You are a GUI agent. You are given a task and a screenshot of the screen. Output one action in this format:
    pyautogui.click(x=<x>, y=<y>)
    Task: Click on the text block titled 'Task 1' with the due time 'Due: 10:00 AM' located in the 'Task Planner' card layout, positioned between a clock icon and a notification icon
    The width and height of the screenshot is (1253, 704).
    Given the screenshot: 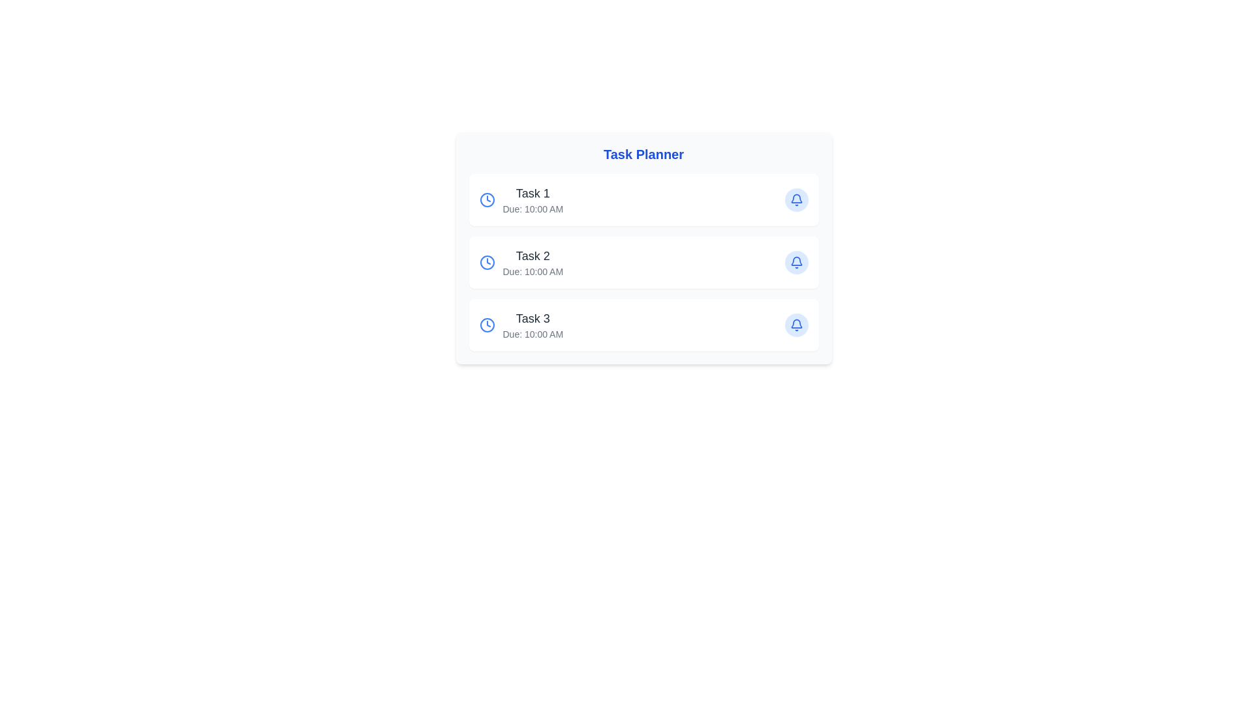 What is the action you would take?
    pyautogui.click(x=533, y=200)
    